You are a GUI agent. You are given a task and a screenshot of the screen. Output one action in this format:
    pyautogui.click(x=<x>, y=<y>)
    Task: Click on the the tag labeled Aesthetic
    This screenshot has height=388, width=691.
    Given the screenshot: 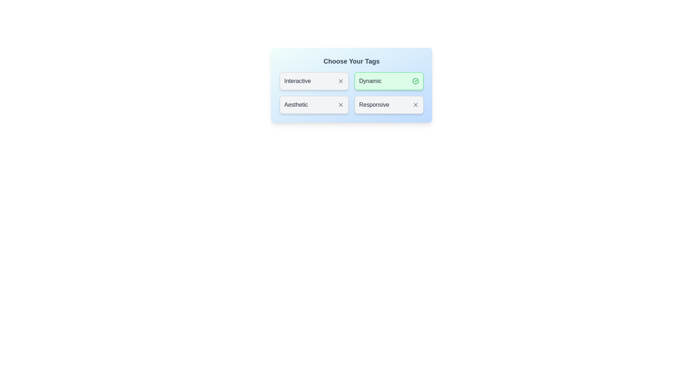 What is the action you would take?
    pyautogui.click(x=314, y=105)
    